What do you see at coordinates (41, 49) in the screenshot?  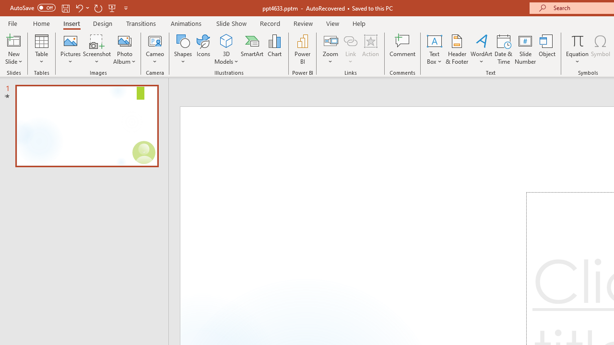 I see `'Table'` at bounding box center [41, 49].